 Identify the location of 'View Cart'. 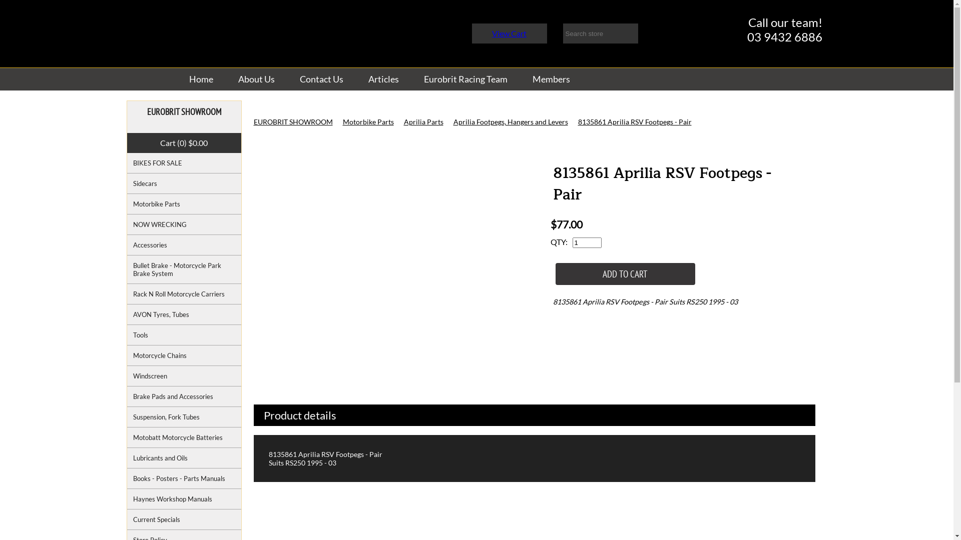
(509, 32).